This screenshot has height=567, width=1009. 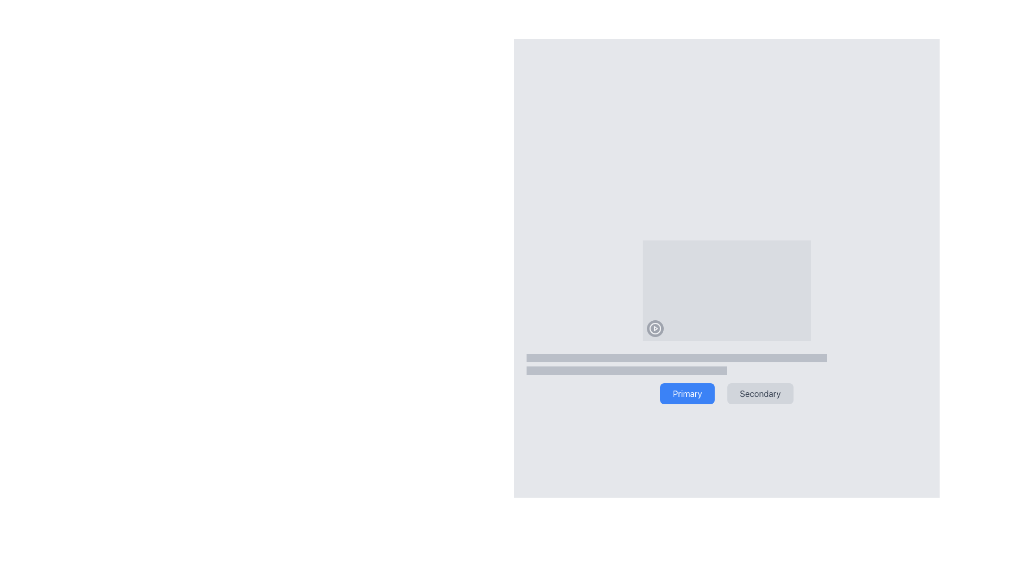 I want to click on the secondary action button located immediately to the right of the blue 'Primary' button in the lower central area of the interface, so click(x=760, y=393).